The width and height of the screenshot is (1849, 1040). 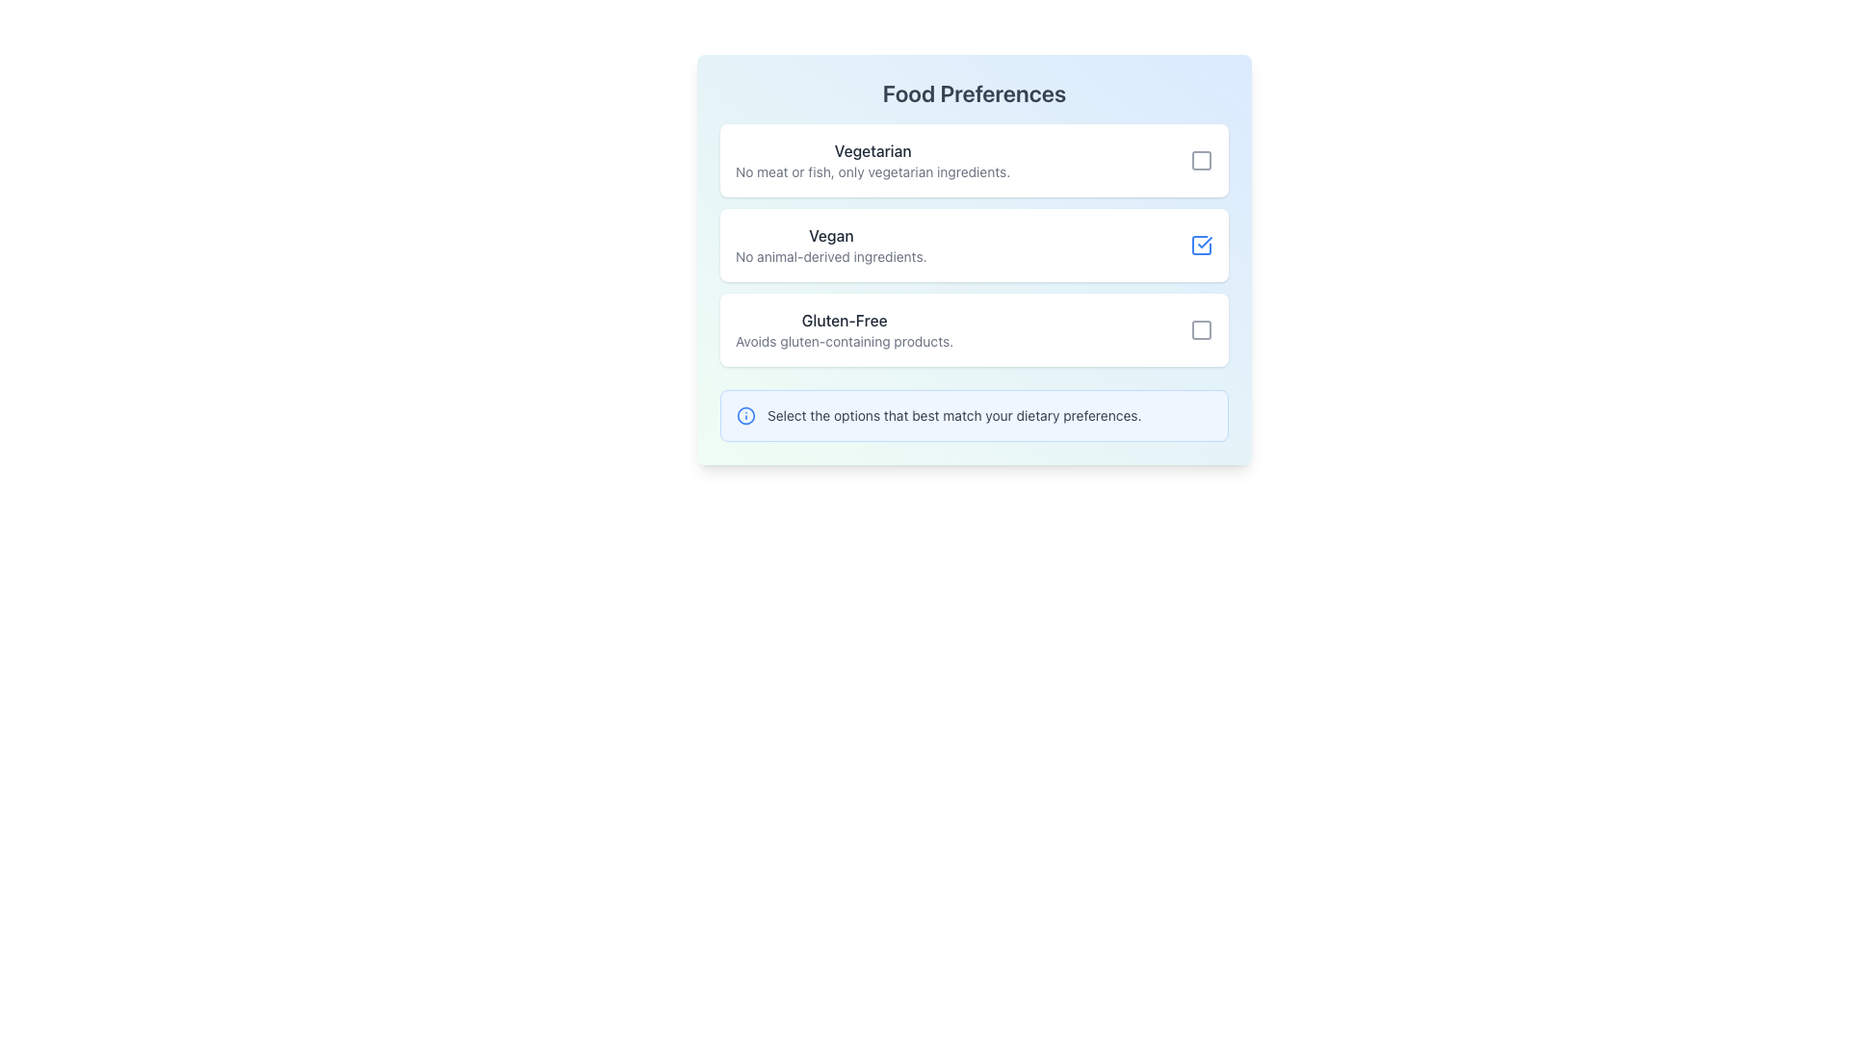 What do you see at coordinates (872, 159) in the screenshot?
I see `textual information from the Text Label element titled 'Vegetarian', which includes the description 'No meat or fish, only vegetarian ingredients.'` at bounding box center [872, 159].